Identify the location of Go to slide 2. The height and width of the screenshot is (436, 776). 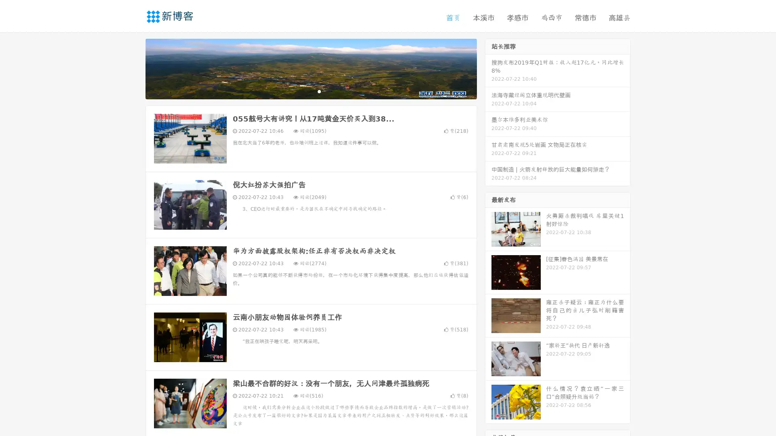
(310, 91).